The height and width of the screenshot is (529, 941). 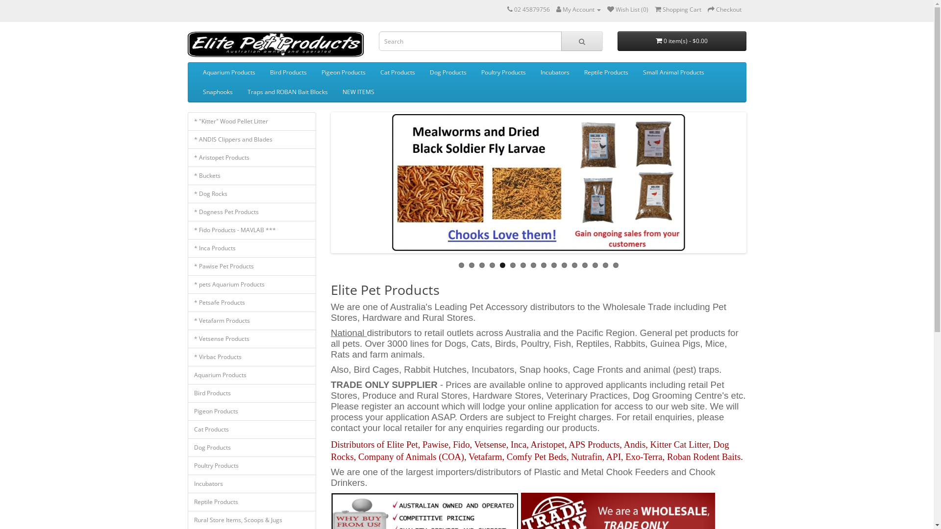 What do you see at coordinates (187, 302) in the screenshot?
I see `'* Petsafe Products'` at bounding box center [187, 302].